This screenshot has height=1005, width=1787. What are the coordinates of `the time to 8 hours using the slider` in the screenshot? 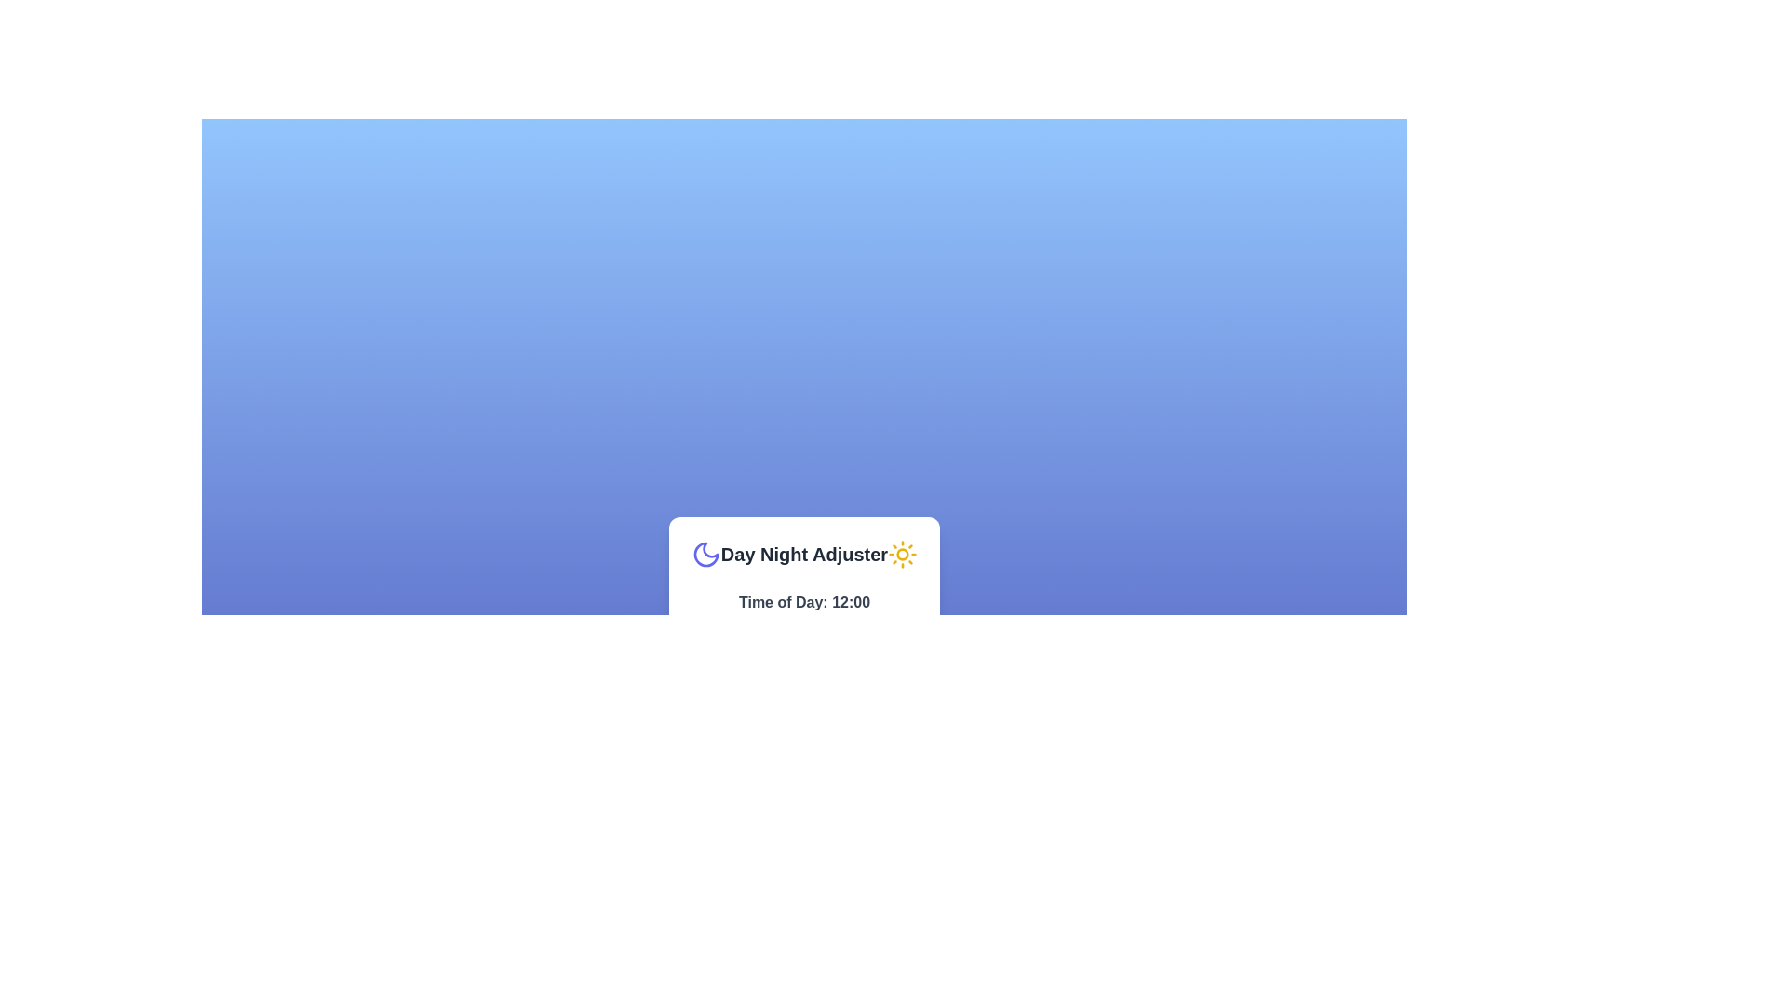 It's located at (770, 623).